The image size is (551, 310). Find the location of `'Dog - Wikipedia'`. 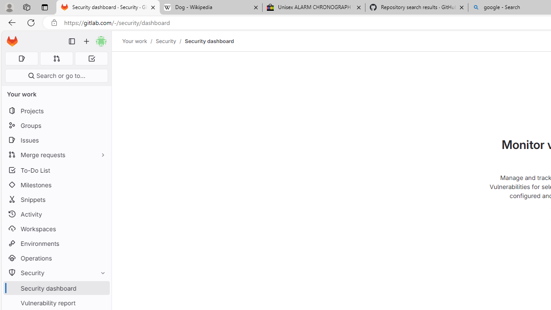

'Dog - Wikipedia' is located at coordinates (211, 7).